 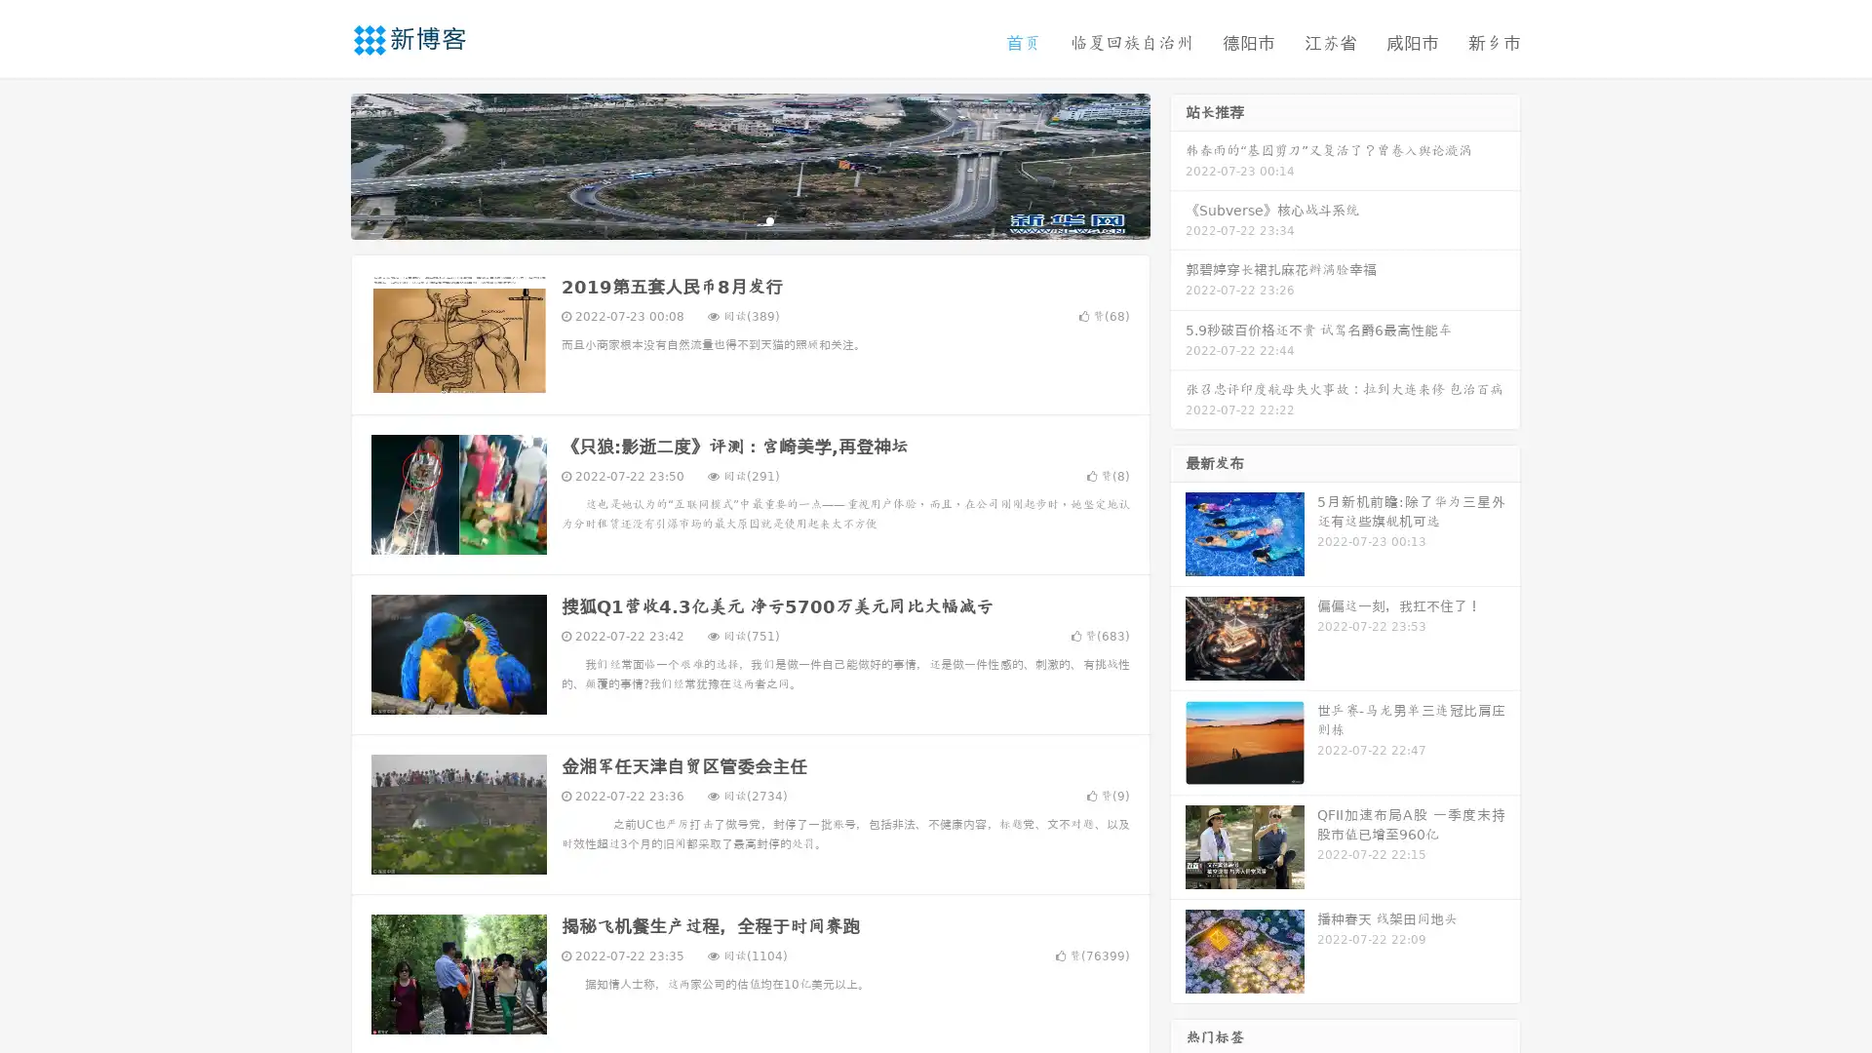 I want to click on Previous slide, so click(x=322, y=164).